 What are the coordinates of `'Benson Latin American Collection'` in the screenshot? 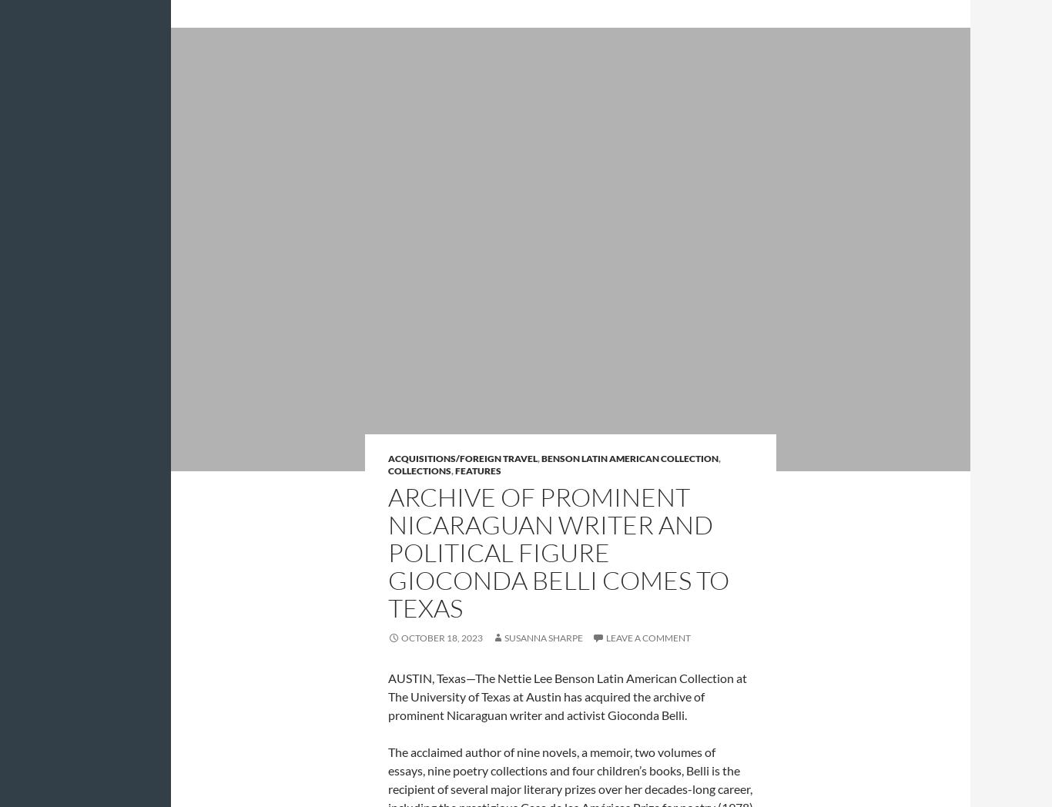 It's located at (628, 457).